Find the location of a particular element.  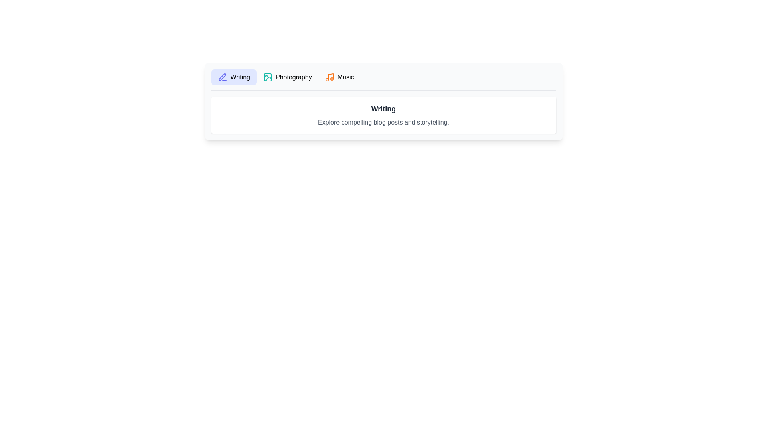

the tab labeled Music is located at coordinates (339, 77).